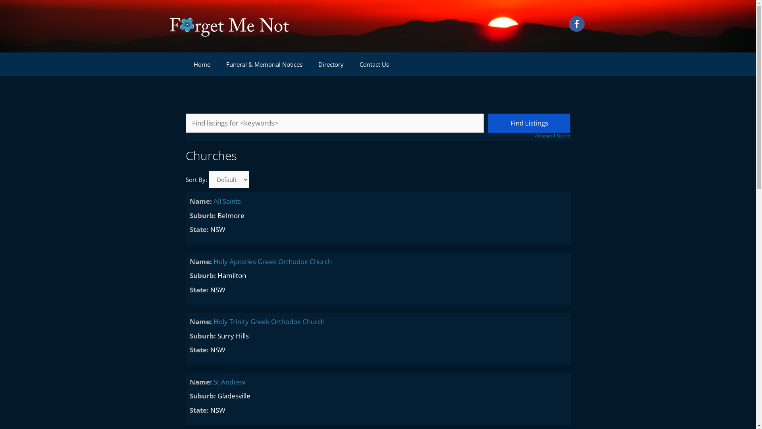  What do you see at coordinates (0, 0) in the screenshot?
I see `'Skip to content'` at bounding box center [0, 0].